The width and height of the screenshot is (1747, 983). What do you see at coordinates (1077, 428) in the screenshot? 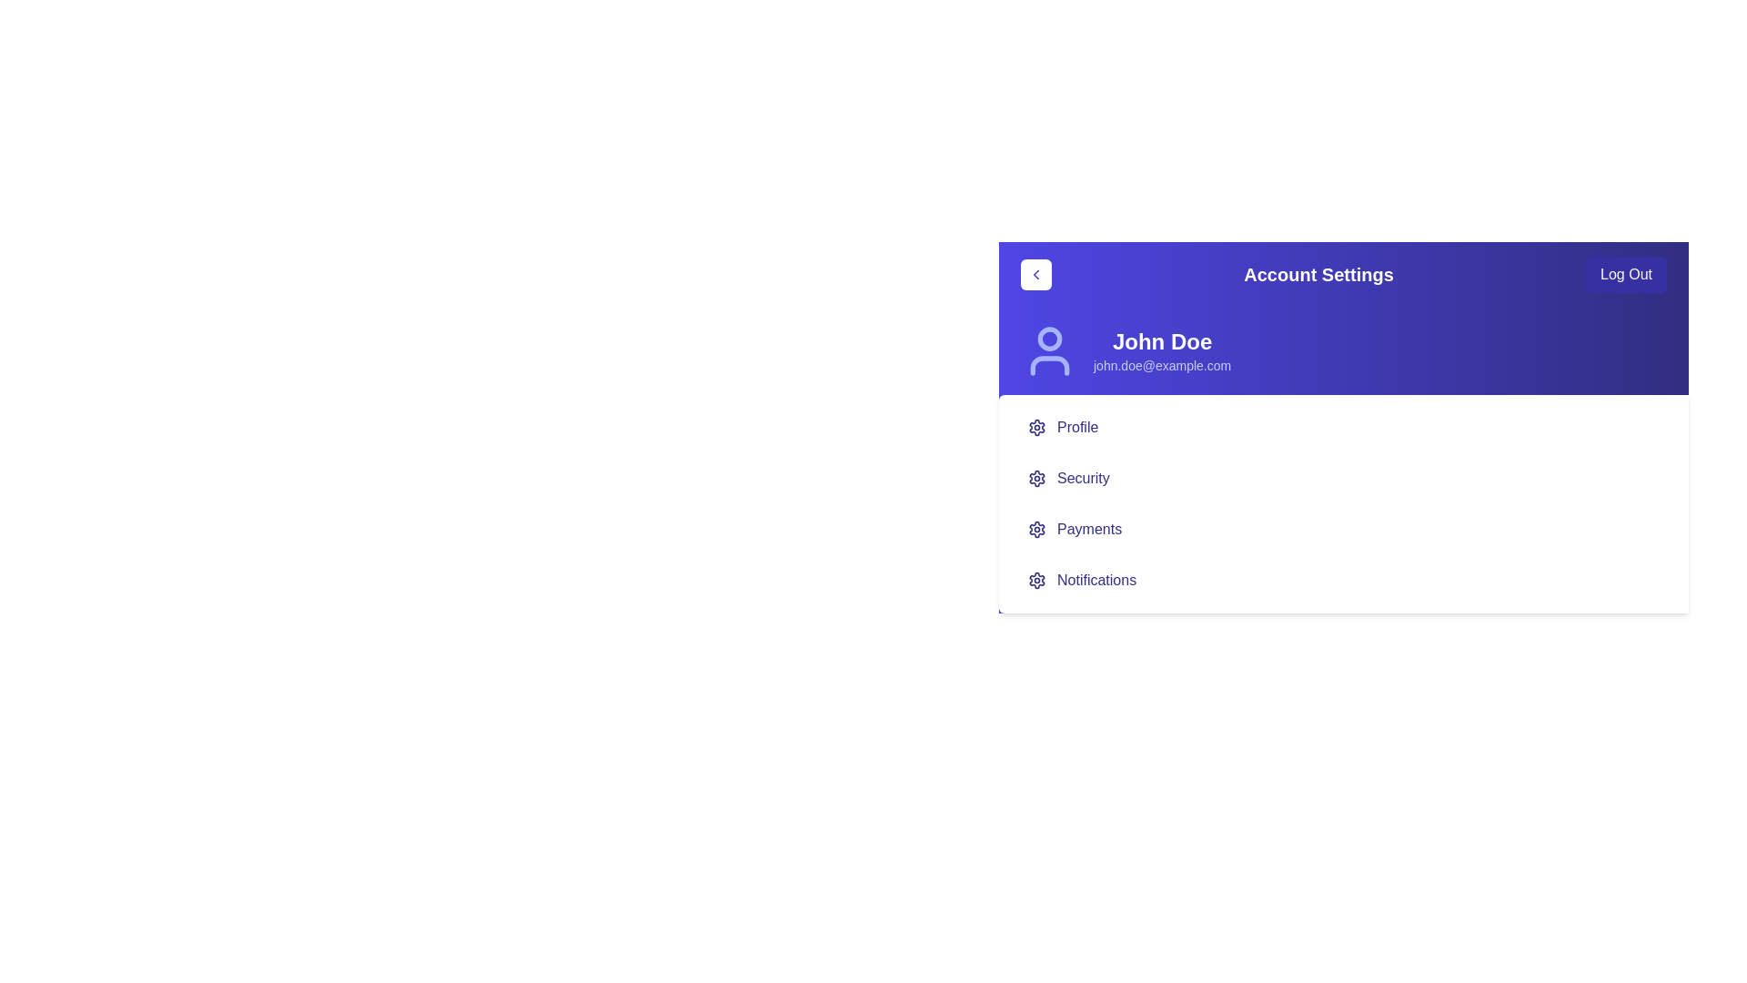
I see `the 'Profile' text label located in the vertical menu list` at bounding box center [1077, 428].